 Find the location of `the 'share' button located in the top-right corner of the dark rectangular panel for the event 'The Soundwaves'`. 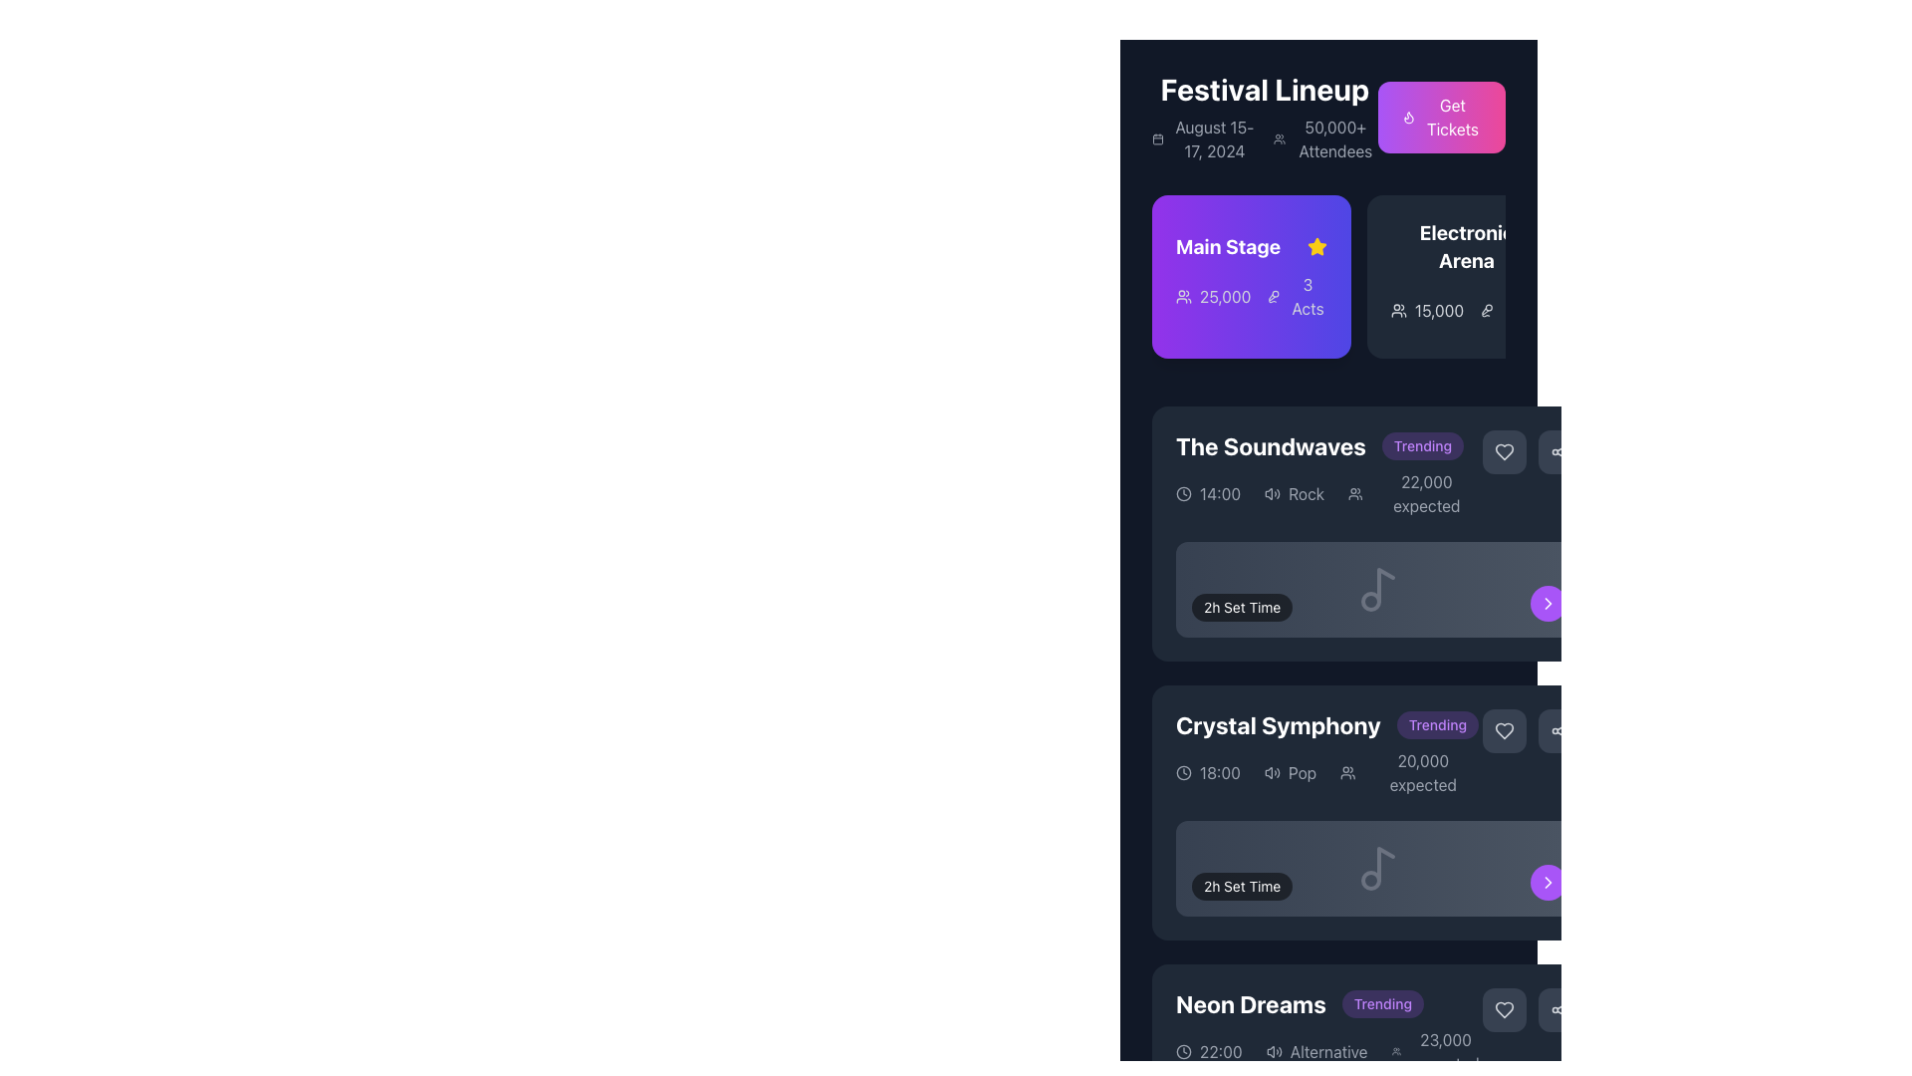

the 'share' button located in the top-right corner of the dark rectangular panel for the event 'The Soundwaves' is located at coordinates (1558, 452).